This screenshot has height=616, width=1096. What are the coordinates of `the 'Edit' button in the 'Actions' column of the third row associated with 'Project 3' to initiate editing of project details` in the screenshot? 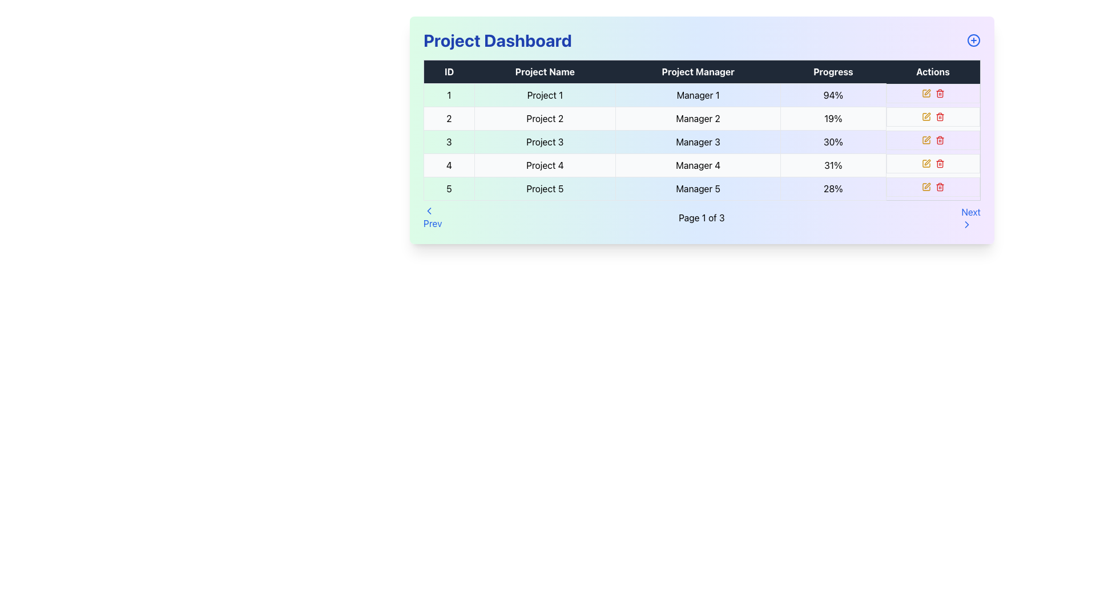 It's located at (927, 138).